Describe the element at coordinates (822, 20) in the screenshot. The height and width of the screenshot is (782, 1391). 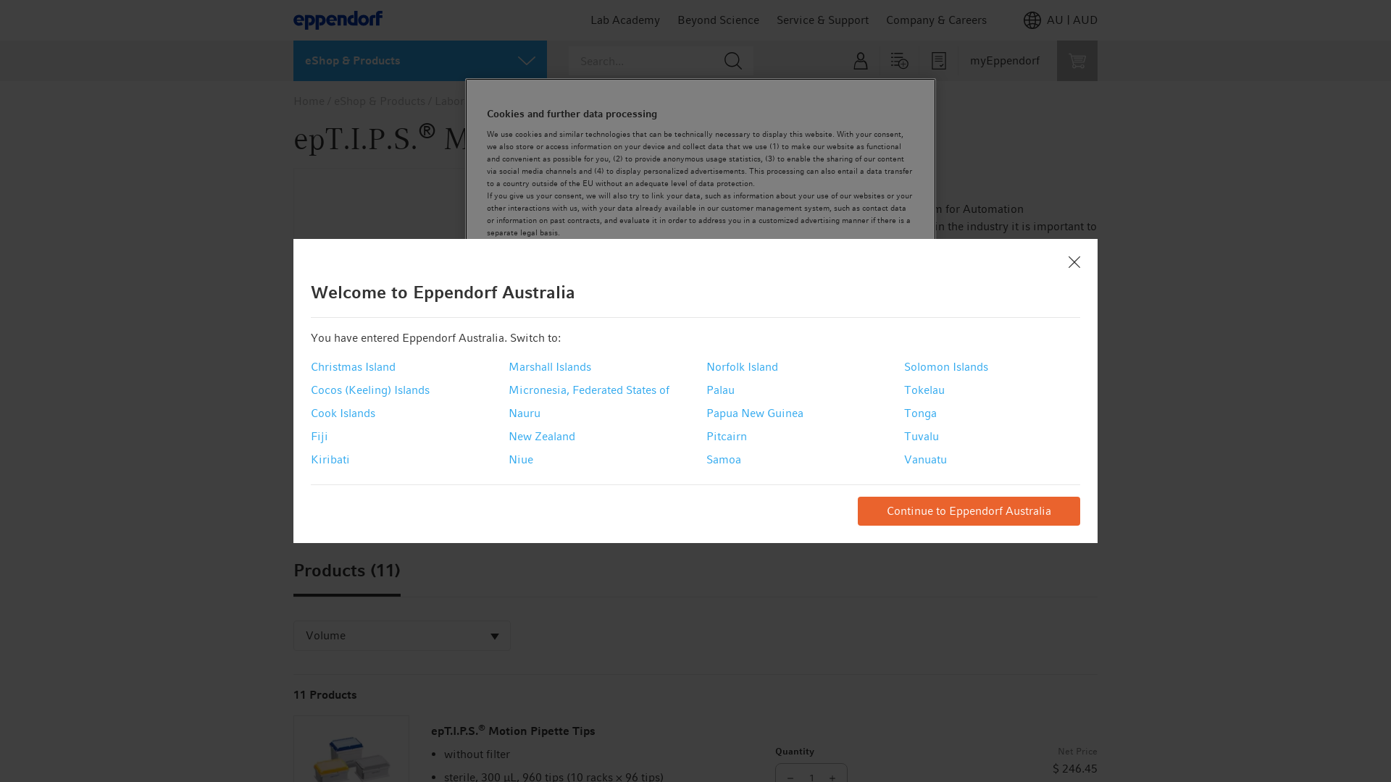
I see `'Service & Support'` at that location.